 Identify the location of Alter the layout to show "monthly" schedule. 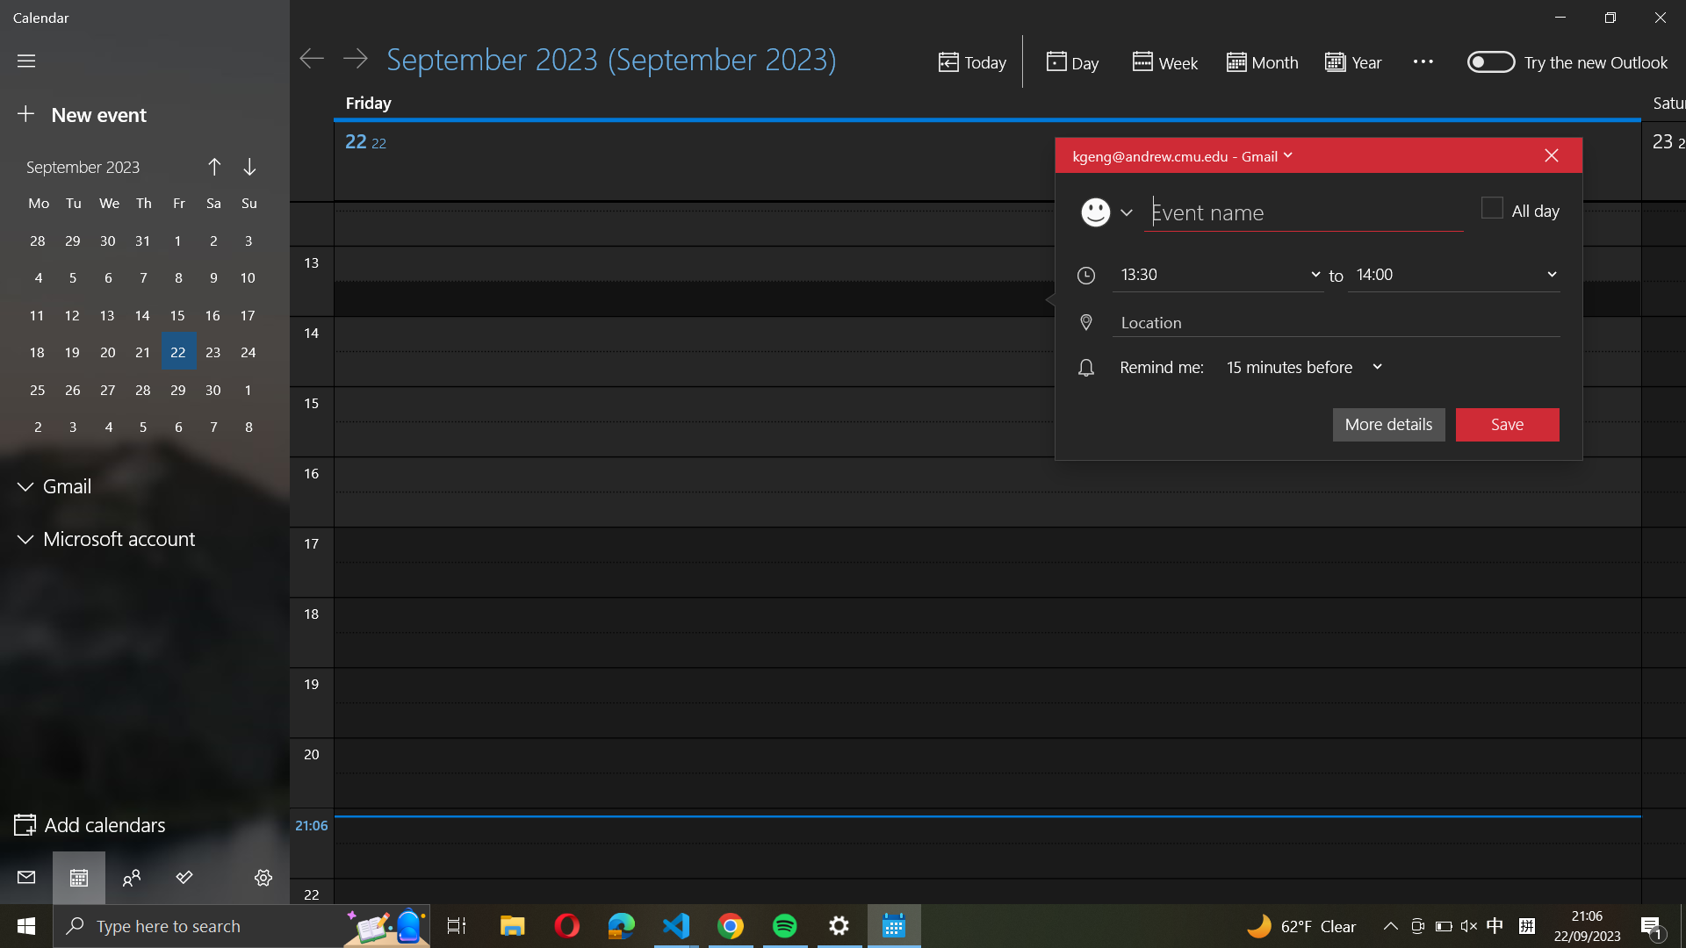
(1259, 62).